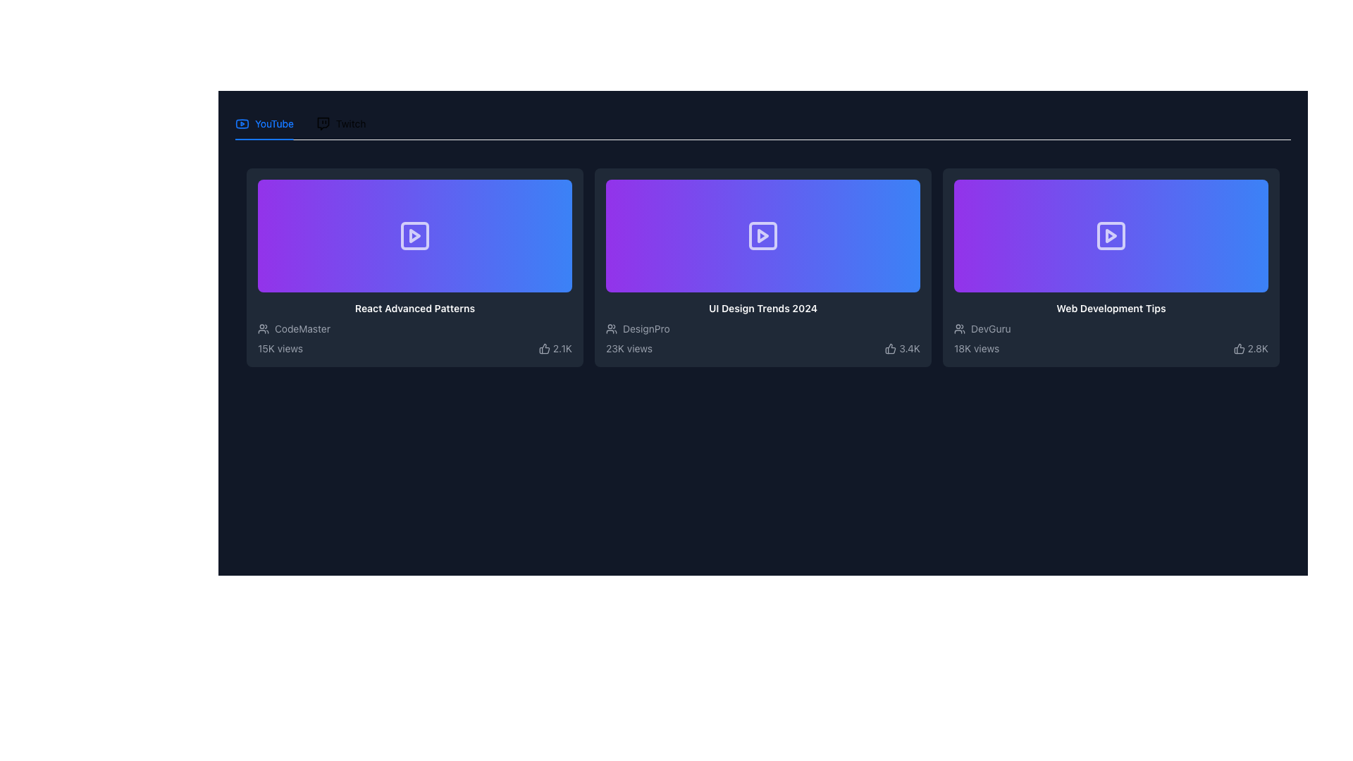 Image resolution: width=1353 pixels, height=761 pixels. Describe the element at coordinates (1111, 308) in the screenshot. I see `title of the text label displaying 'Web Development Tips', which is styled with a white bold font and located at the lower part of a card-like structure` at that location.